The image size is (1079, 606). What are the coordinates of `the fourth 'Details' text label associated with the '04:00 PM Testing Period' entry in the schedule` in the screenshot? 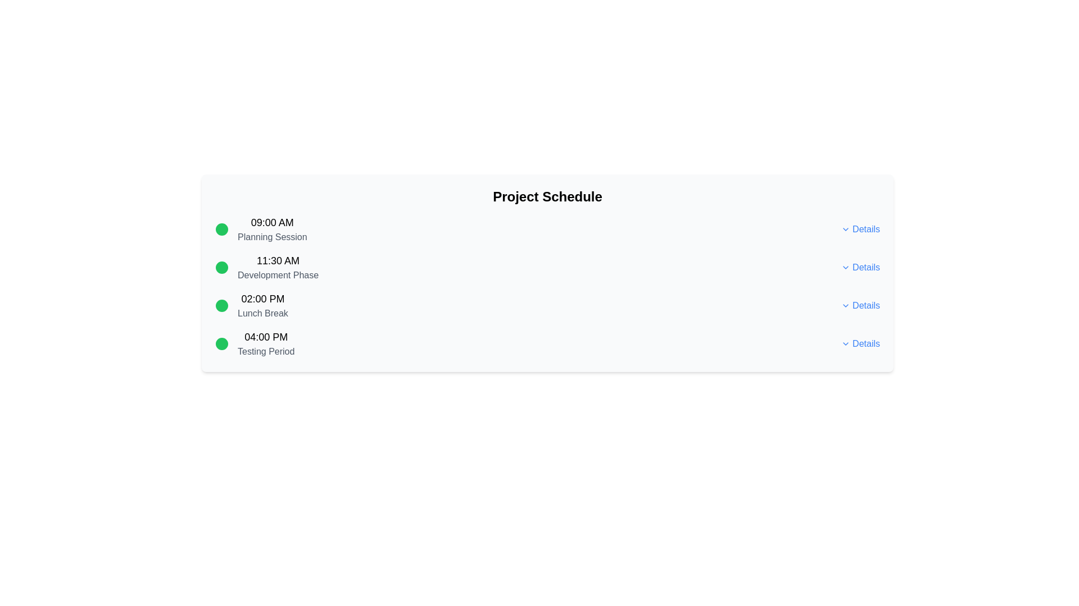 It's located at (865, 268).